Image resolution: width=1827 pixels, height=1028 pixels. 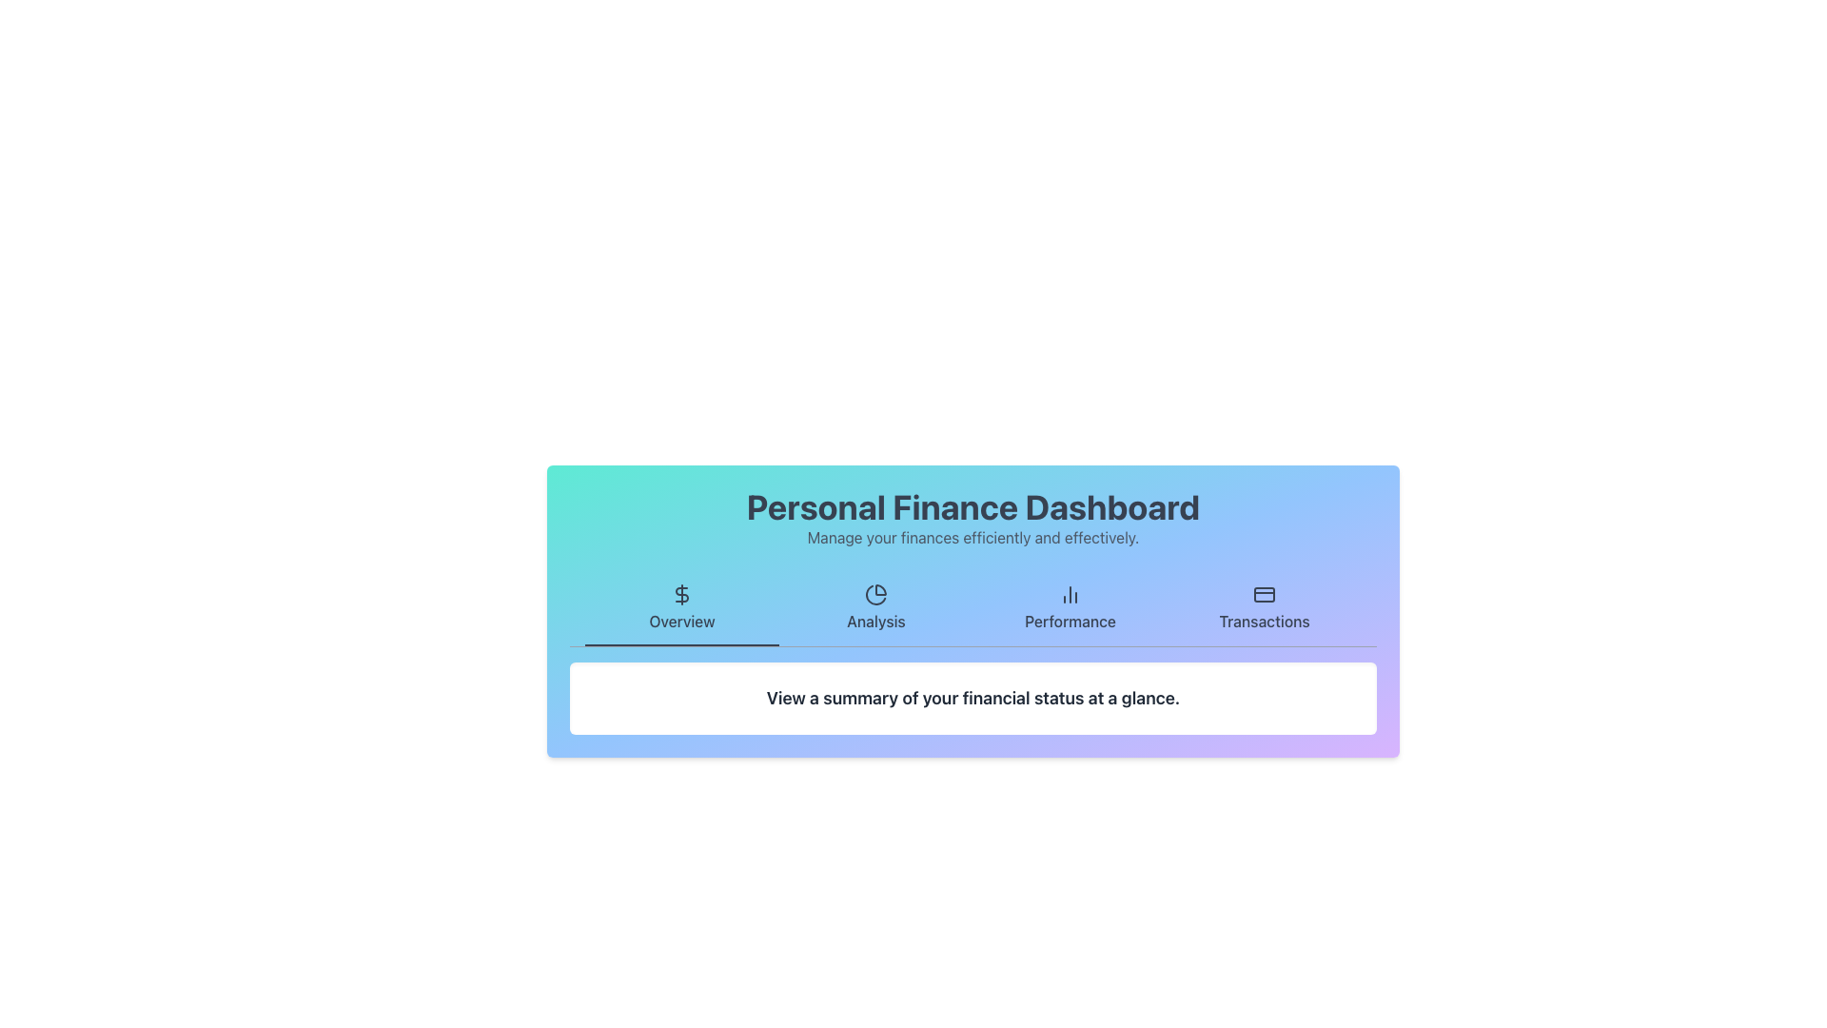 I want to click on the decorative icon in the 'Overview' section of the navigation bar that visually represents financial contexts, so click(x=681, y=593).